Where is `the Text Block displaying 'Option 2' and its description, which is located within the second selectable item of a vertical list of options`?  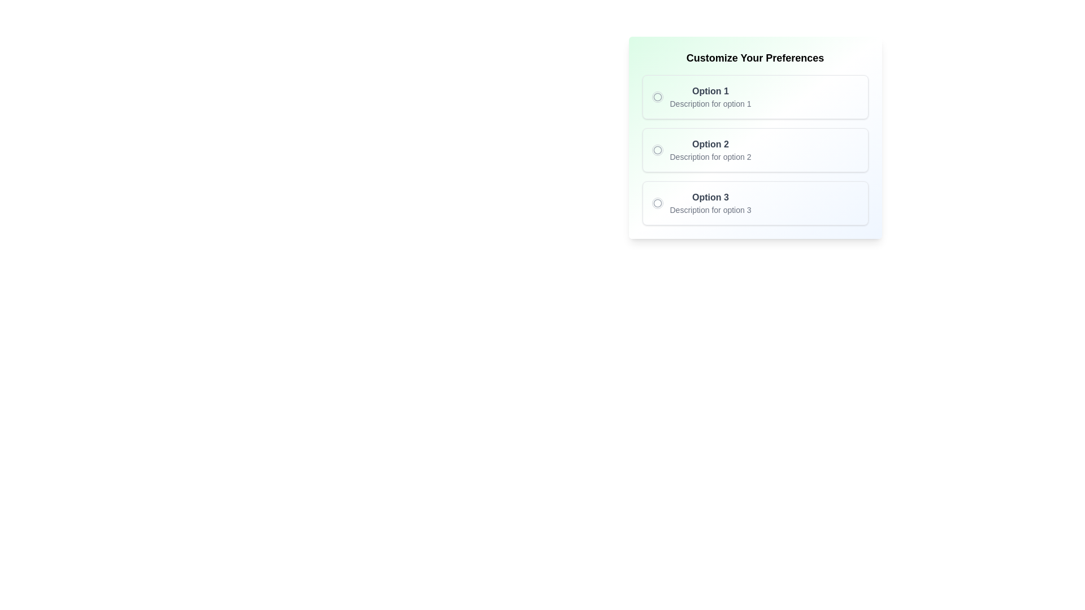
the Text Block displaying 'Option 2' and its description, which is located within the second selectable item of a vertical list of options is located at coordinates (710, 150).